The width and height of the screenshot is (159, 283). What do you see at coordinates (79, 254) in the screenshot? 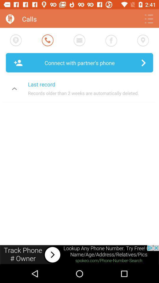
I see `visit advertiser` at bounding box center [79, 254].